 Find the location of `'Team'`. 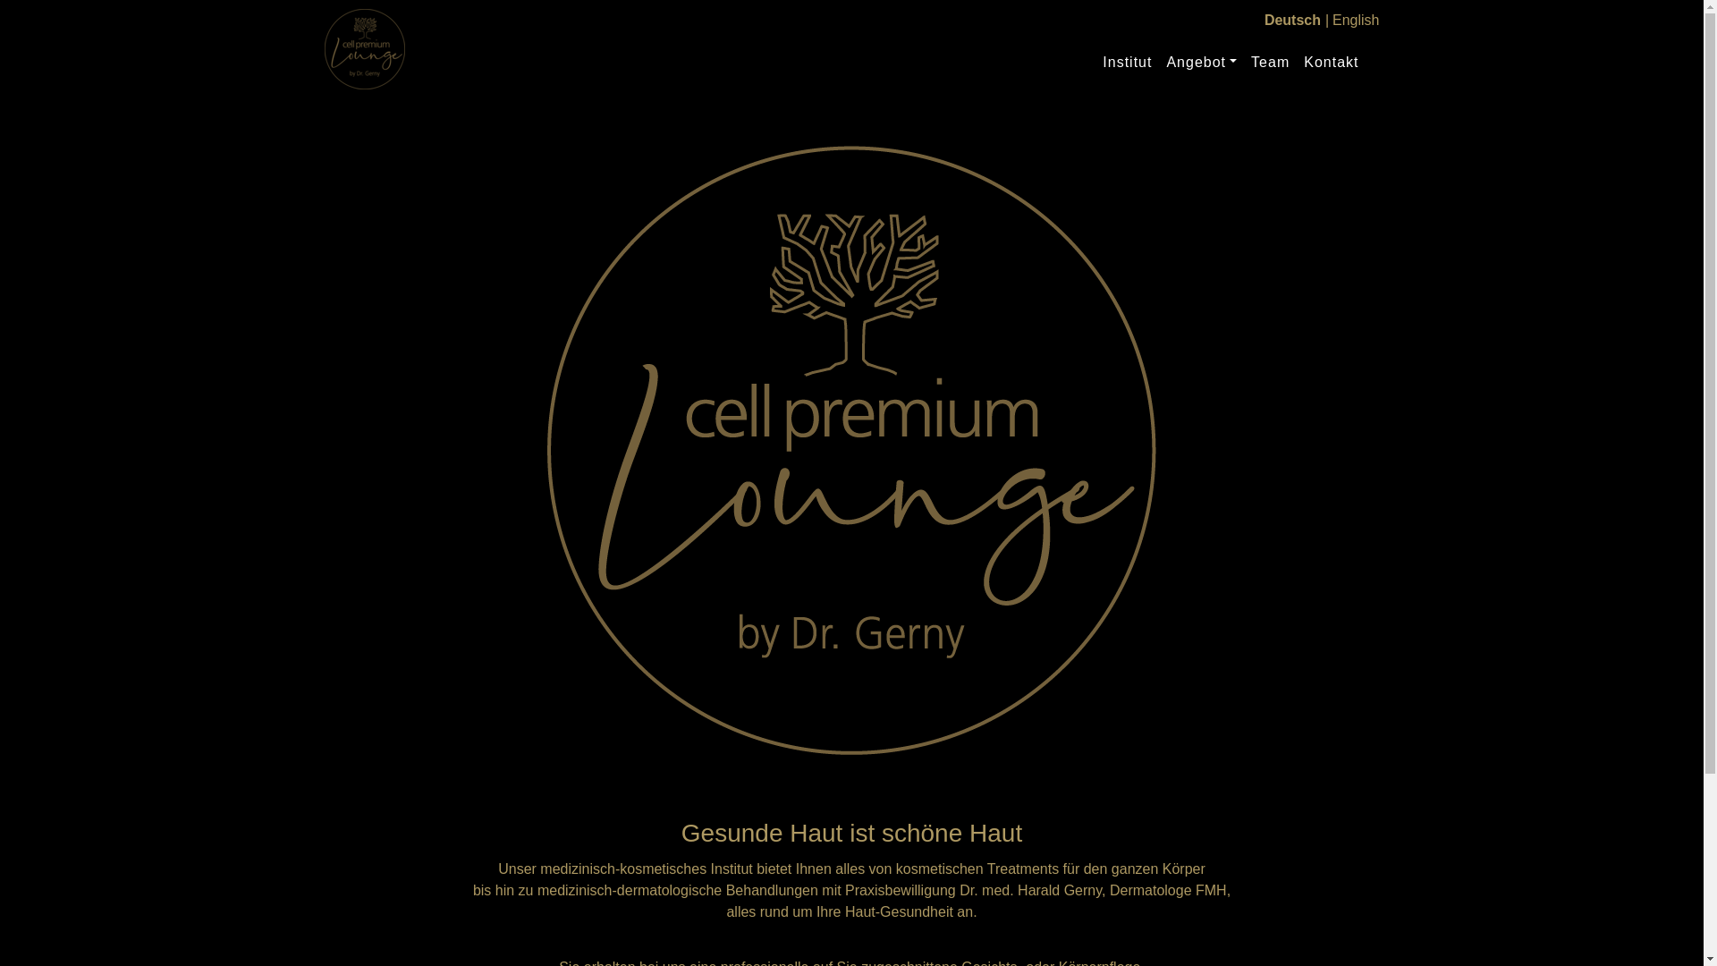

'Team' is located at coordinates (1243, 61).